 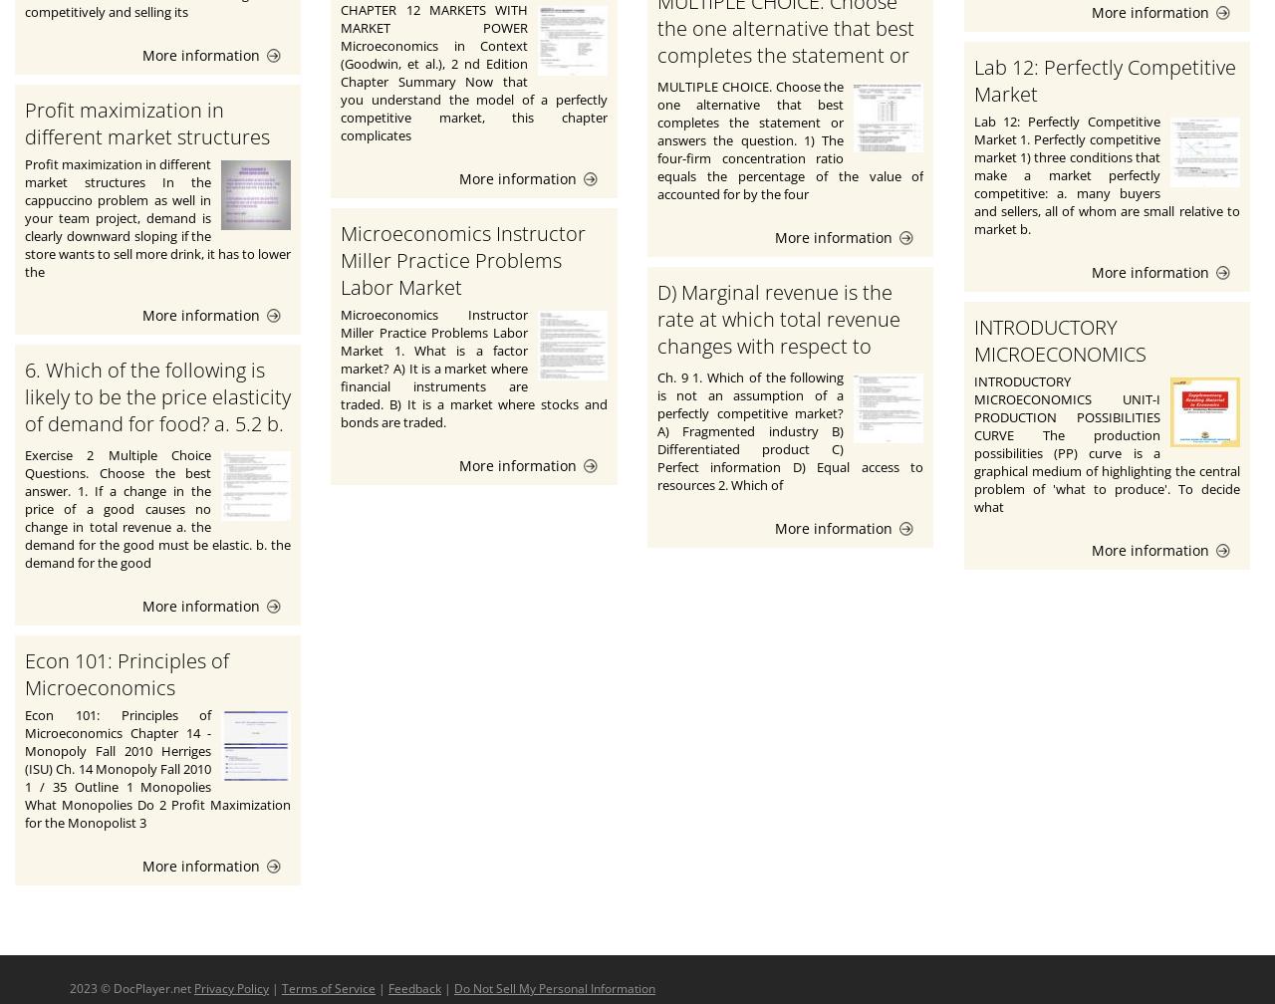 I want to click on '6. Which of the following is likely to be the price elasticity of demand for food? a. 5.2 b. 2.6 c. 1.8 d. 0.3', so click(x=156, y=409).